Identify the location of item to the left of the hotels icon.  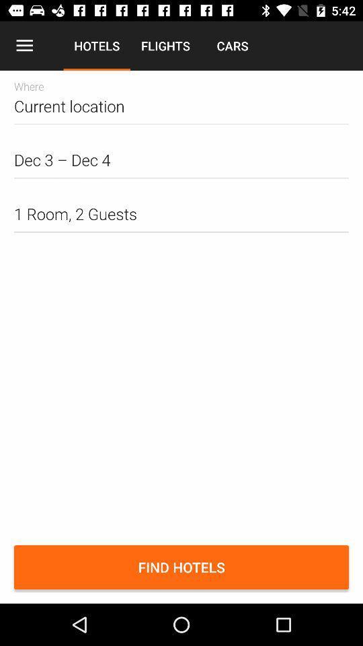
(24, 46).